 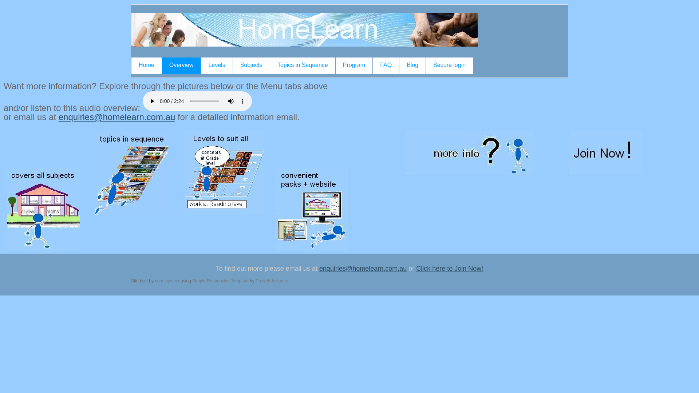 What do you see at coordinates (426, 65) in the screenshot?
I see `'Secure login'` at bounding box center [426, 65].